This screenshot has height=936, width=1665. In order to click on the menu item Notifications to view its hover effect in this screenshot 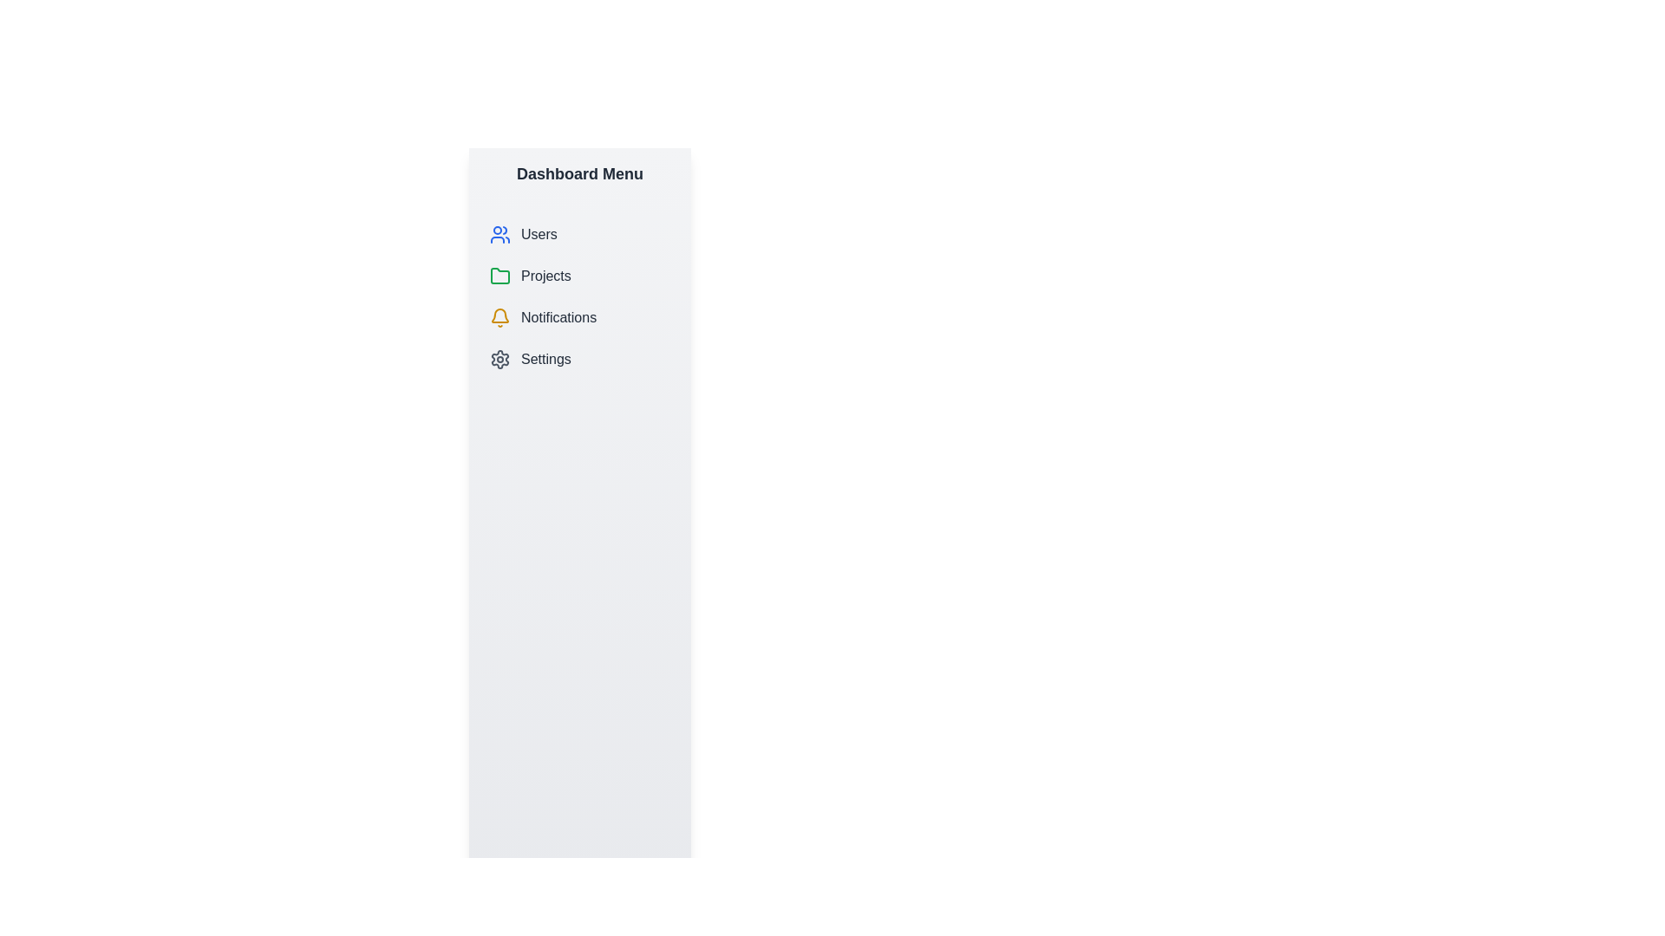, I will do `click(579, 317)`.